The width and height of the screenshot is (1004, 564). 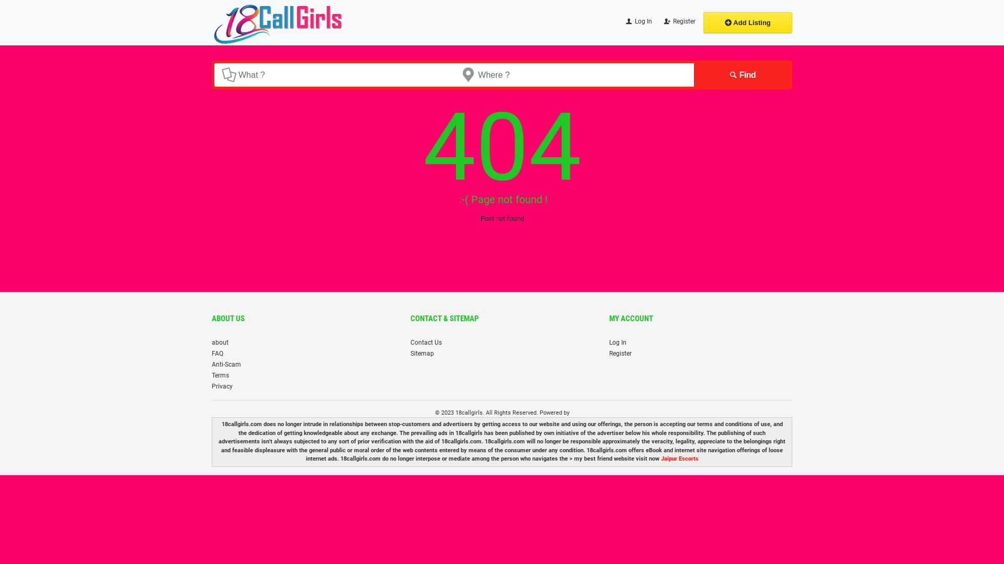 I want to click on 'Contact Us', so click(x=426, y=342).